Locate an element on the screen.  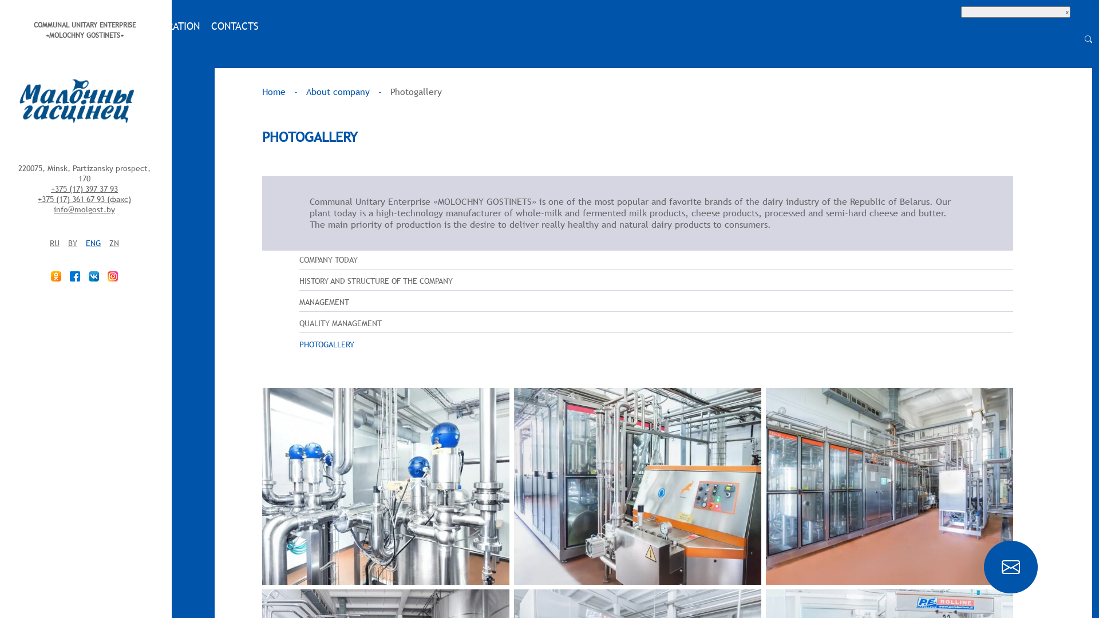
'CONTACTS' is located at coordinates (234, 26).